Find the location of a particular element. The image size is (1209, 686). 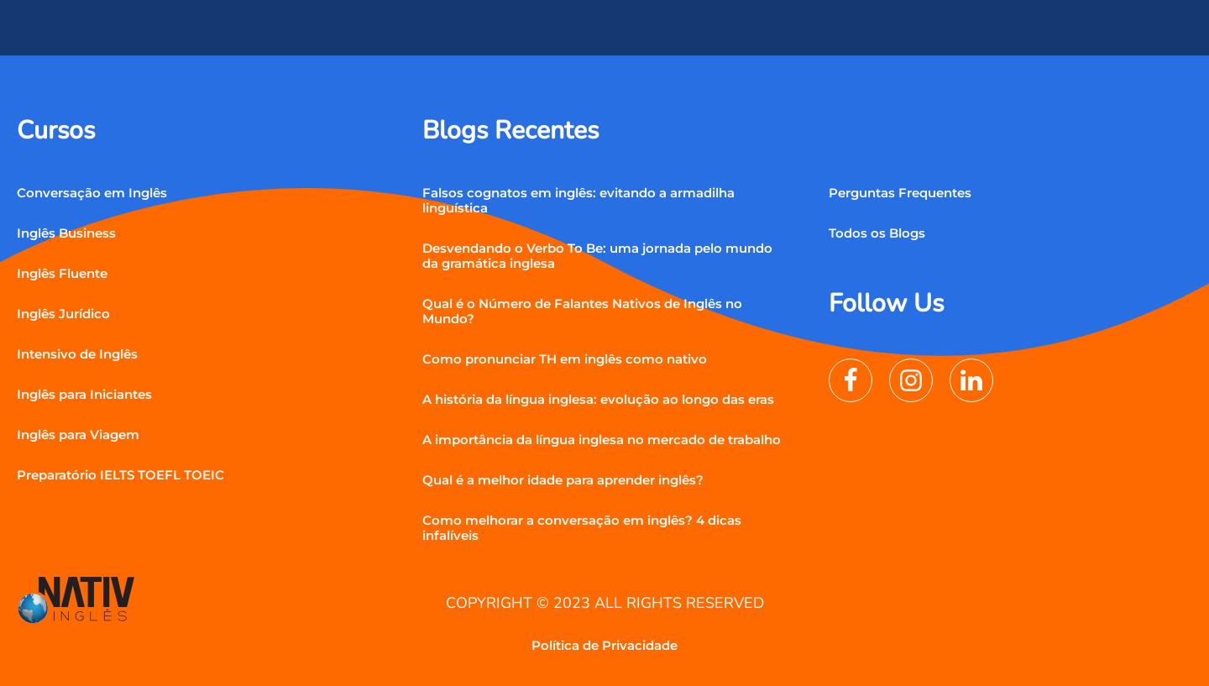

'Copyright © 2023 All Rights Reserved' is located at coordinates (604, 600).